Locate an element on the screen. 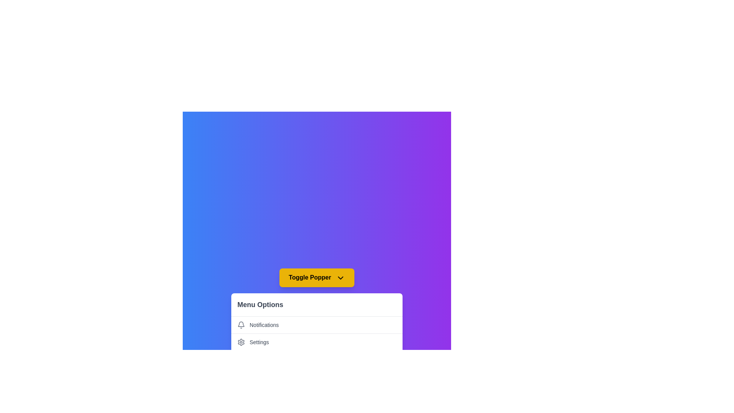  the downward-facing chevron icon on the right side of the 'Toggle Popper' button is located at coordinates (340, 278).